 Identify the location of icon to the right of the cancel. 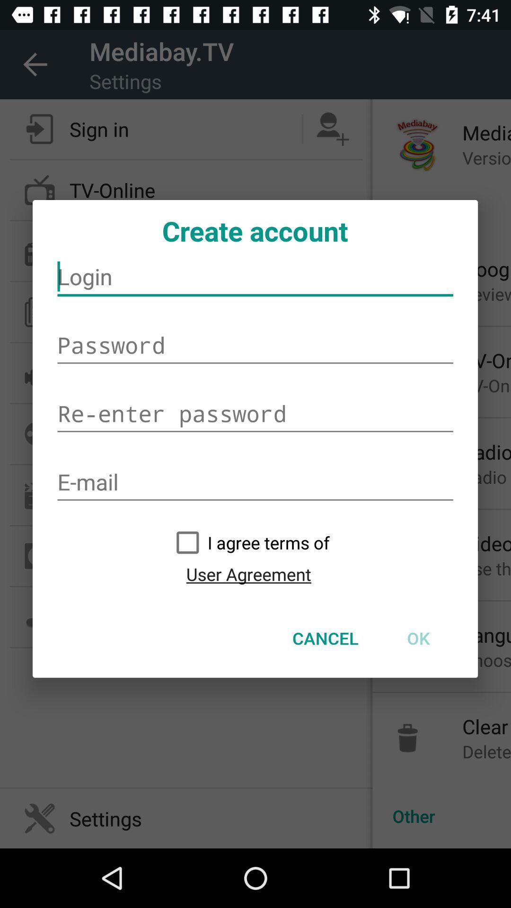
(418, 638).